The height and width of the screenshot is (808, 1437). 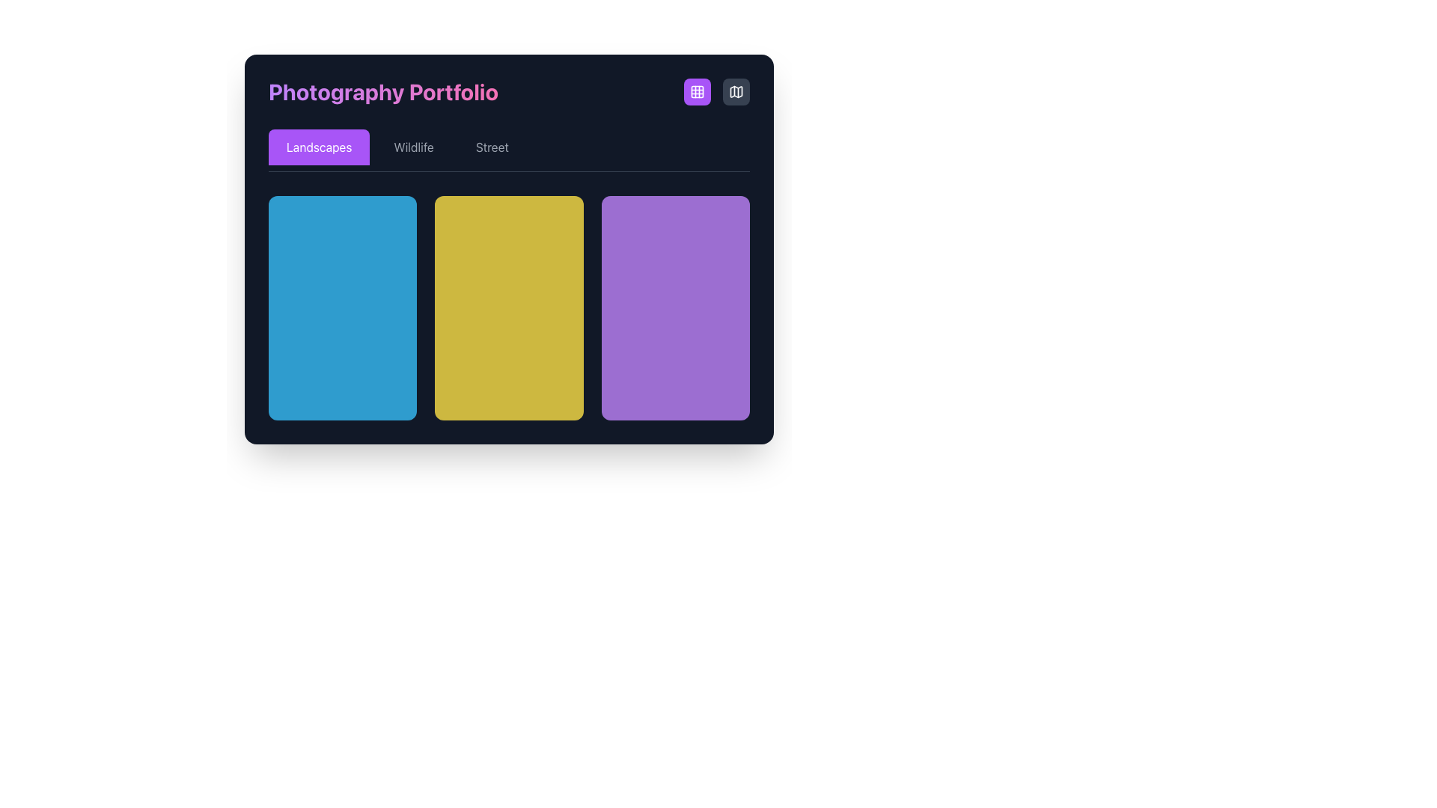 I want to click on the Navigation tab group for the Photography Portfolio, so click(x=509, y=150).